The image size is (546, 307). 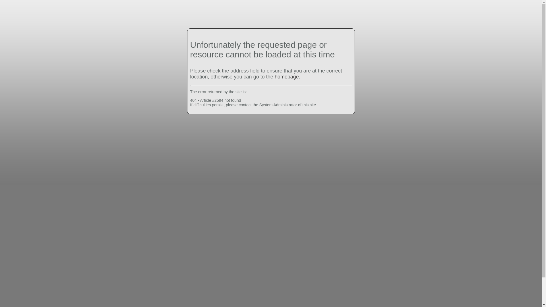 What do you see at coordinates (274, 77) in the screenshot?
I see `'homepage'` at bounding box center [274, 77].